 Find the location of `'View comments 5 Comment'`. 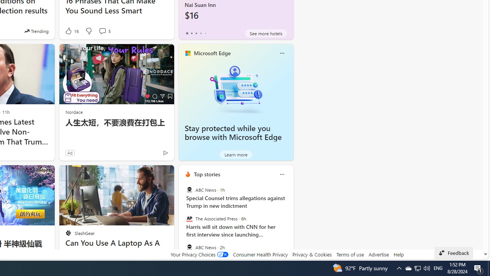

'View comments 5 Comment' is located at coordinates (104, 31).